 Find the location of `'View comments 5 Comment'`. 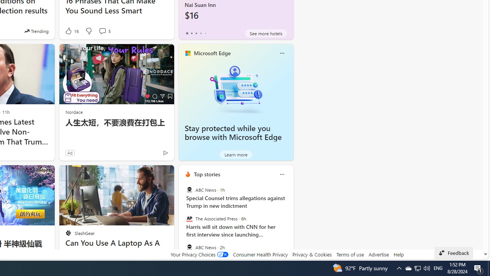

'View comments 5 Comment' is located at coordinates (104, 31).